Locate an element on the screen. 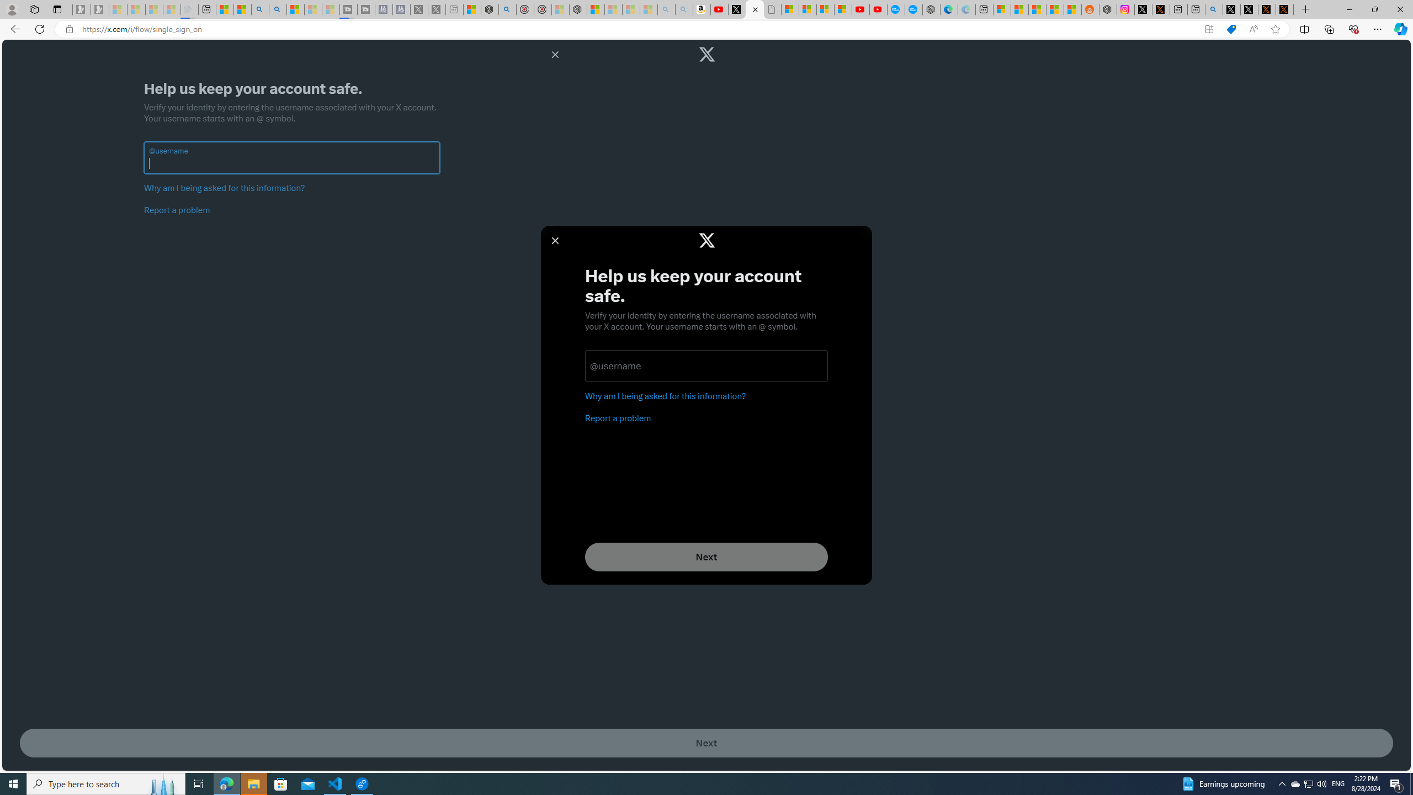 This screenshot has height=795, width=1413. 'Day 1: Arriving in Yemen (surreal to be here) - YouTube' is located at coordinates (720, 9).